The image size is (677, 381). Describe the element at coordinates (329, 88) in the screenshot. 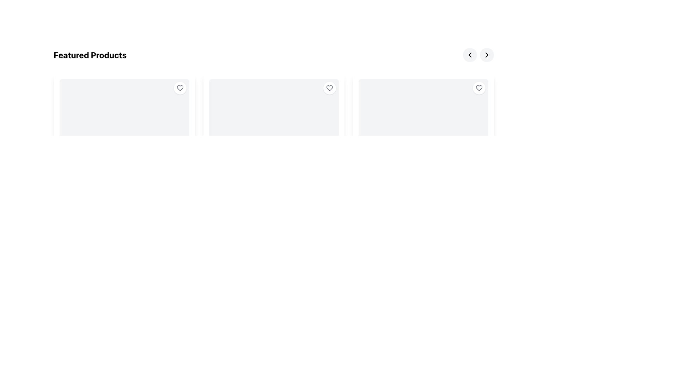

I see `the heart icon button located at the top-right corner of the second card in the horizontally aligned list` at that location.